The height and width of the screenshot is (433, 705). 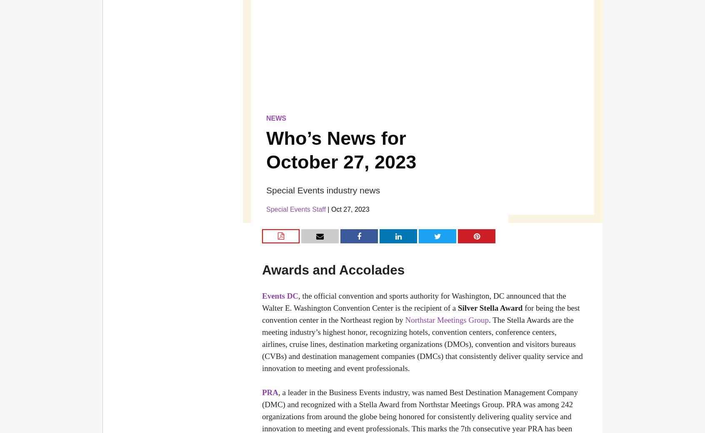 What do you see at coordinates (280, 295) in the screenshot?
I see `'Events DC'` at bounding box center [280, 295].